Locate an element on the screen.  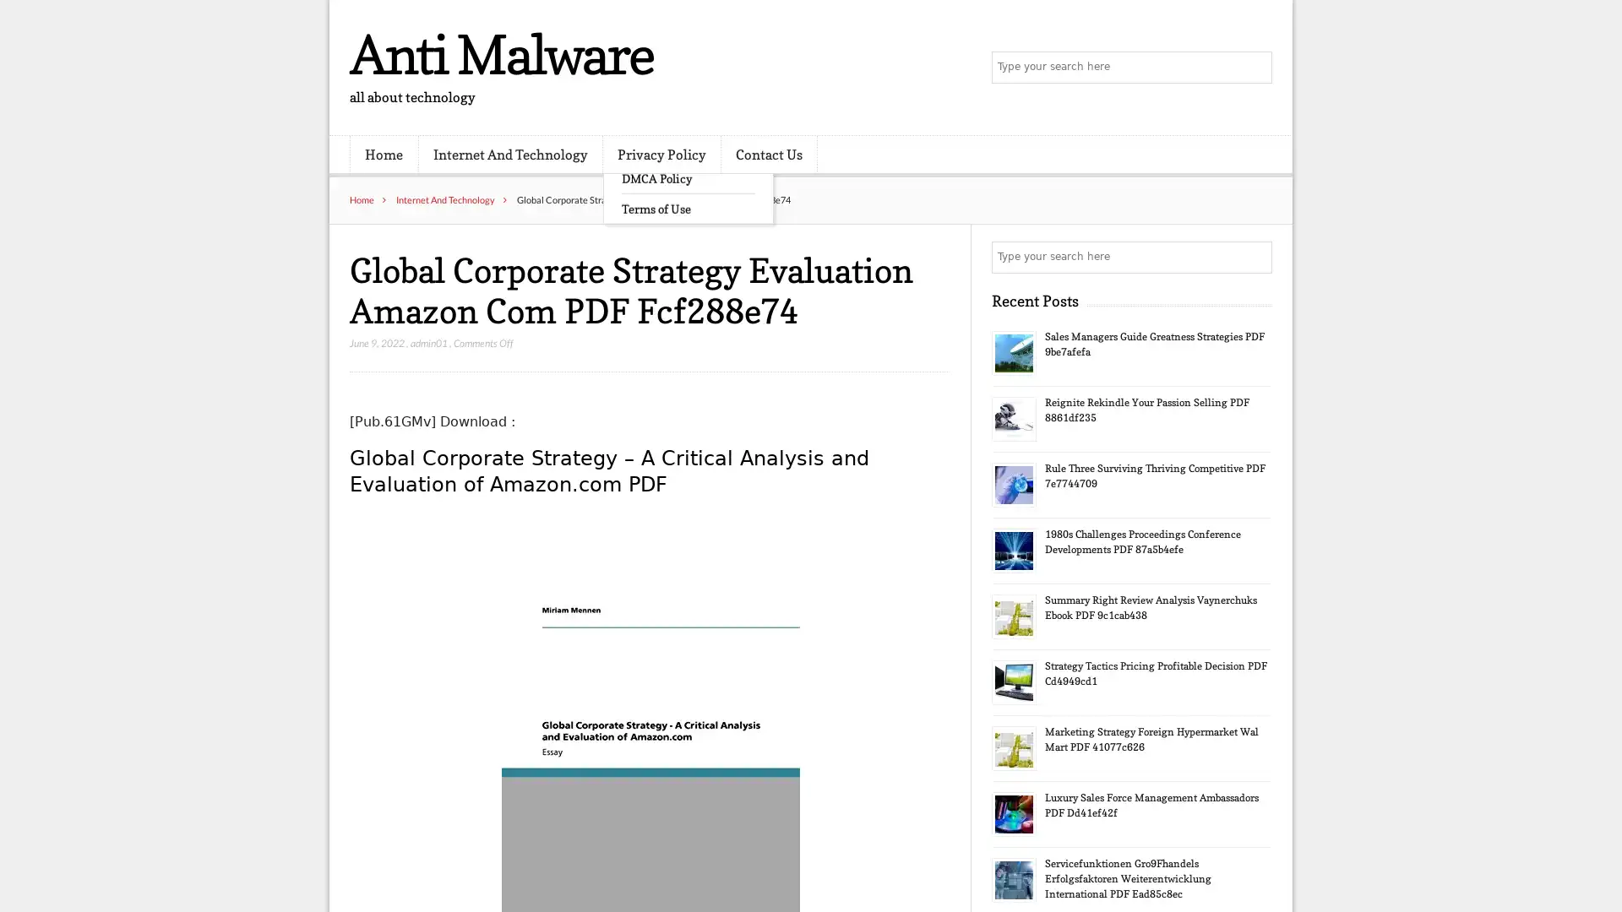
Search is located at coordinates (1255, 257).